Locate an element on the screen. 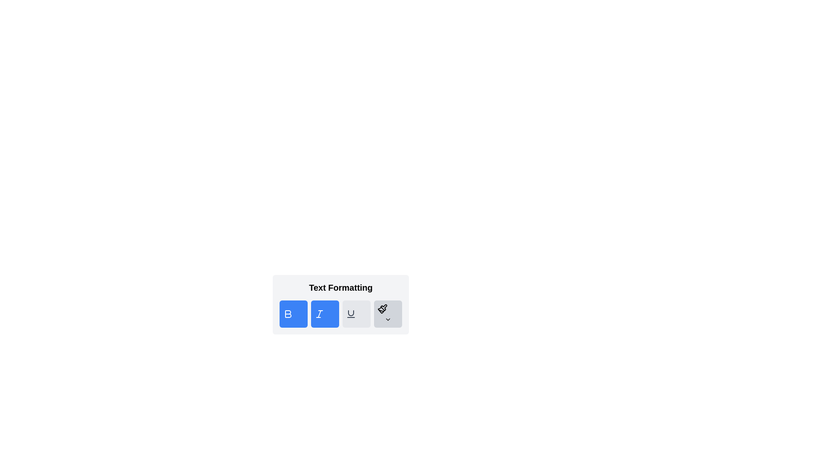 The image size is (817, 459). the decorative vector graphic part of the SVG element located in the bottom right area of the formatting options toolbar is located at coordinates (383, 307).